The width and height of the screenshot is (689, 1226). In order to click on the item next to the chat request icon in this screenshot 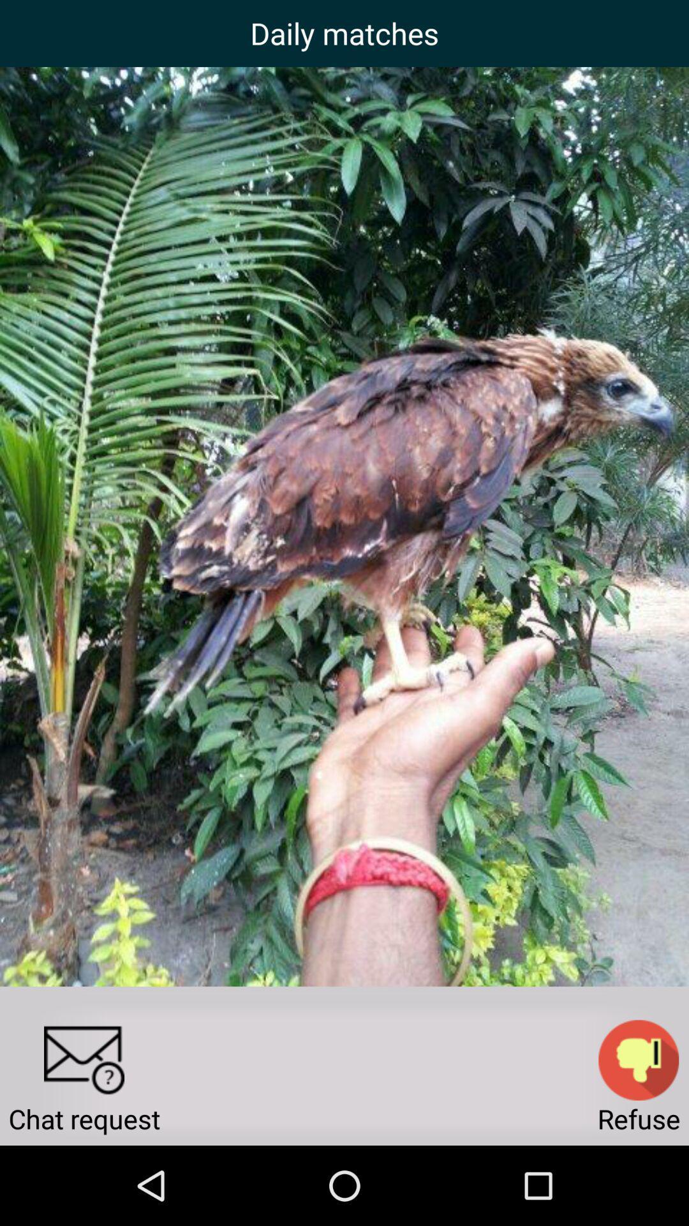, I will do `click(639, 1060)`.